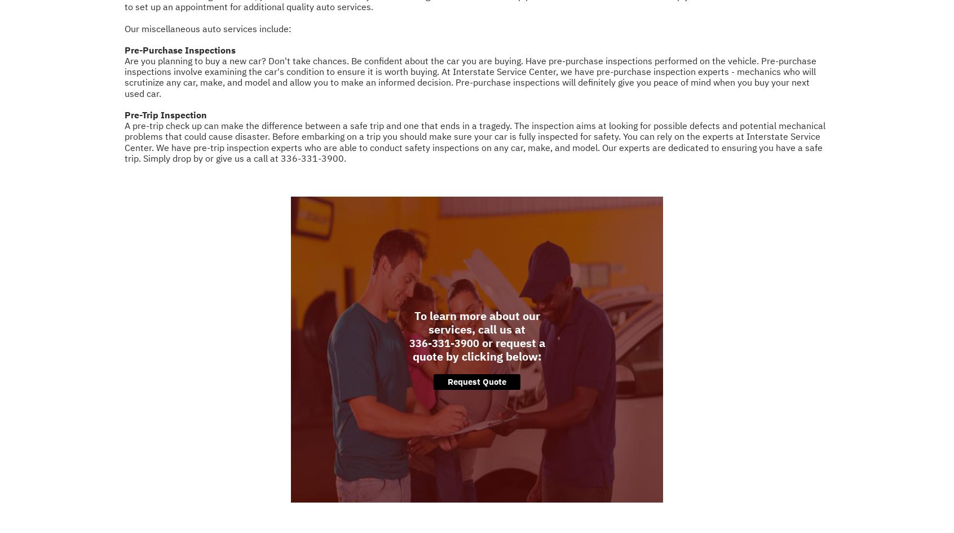  I want to click on 'To learn more about our services, call us at', so click(476, 321).